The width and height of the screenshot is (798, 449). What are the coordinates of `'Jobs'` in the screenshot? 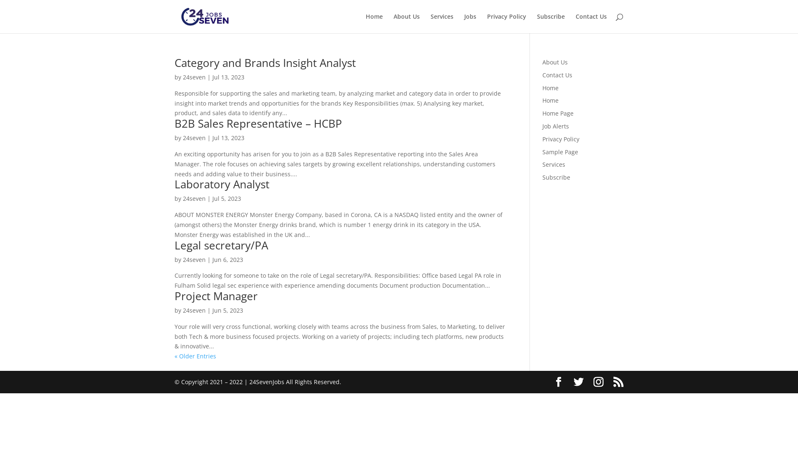 It's located at (470, 23).